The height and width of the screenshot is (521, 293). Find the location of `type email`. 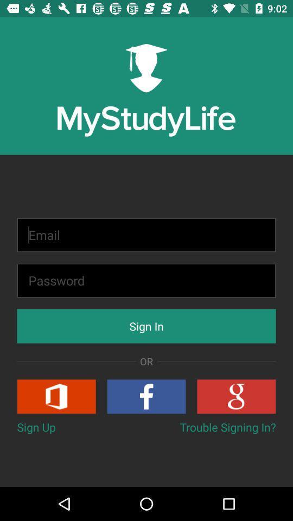

type email is located at coordinates (146, 235).